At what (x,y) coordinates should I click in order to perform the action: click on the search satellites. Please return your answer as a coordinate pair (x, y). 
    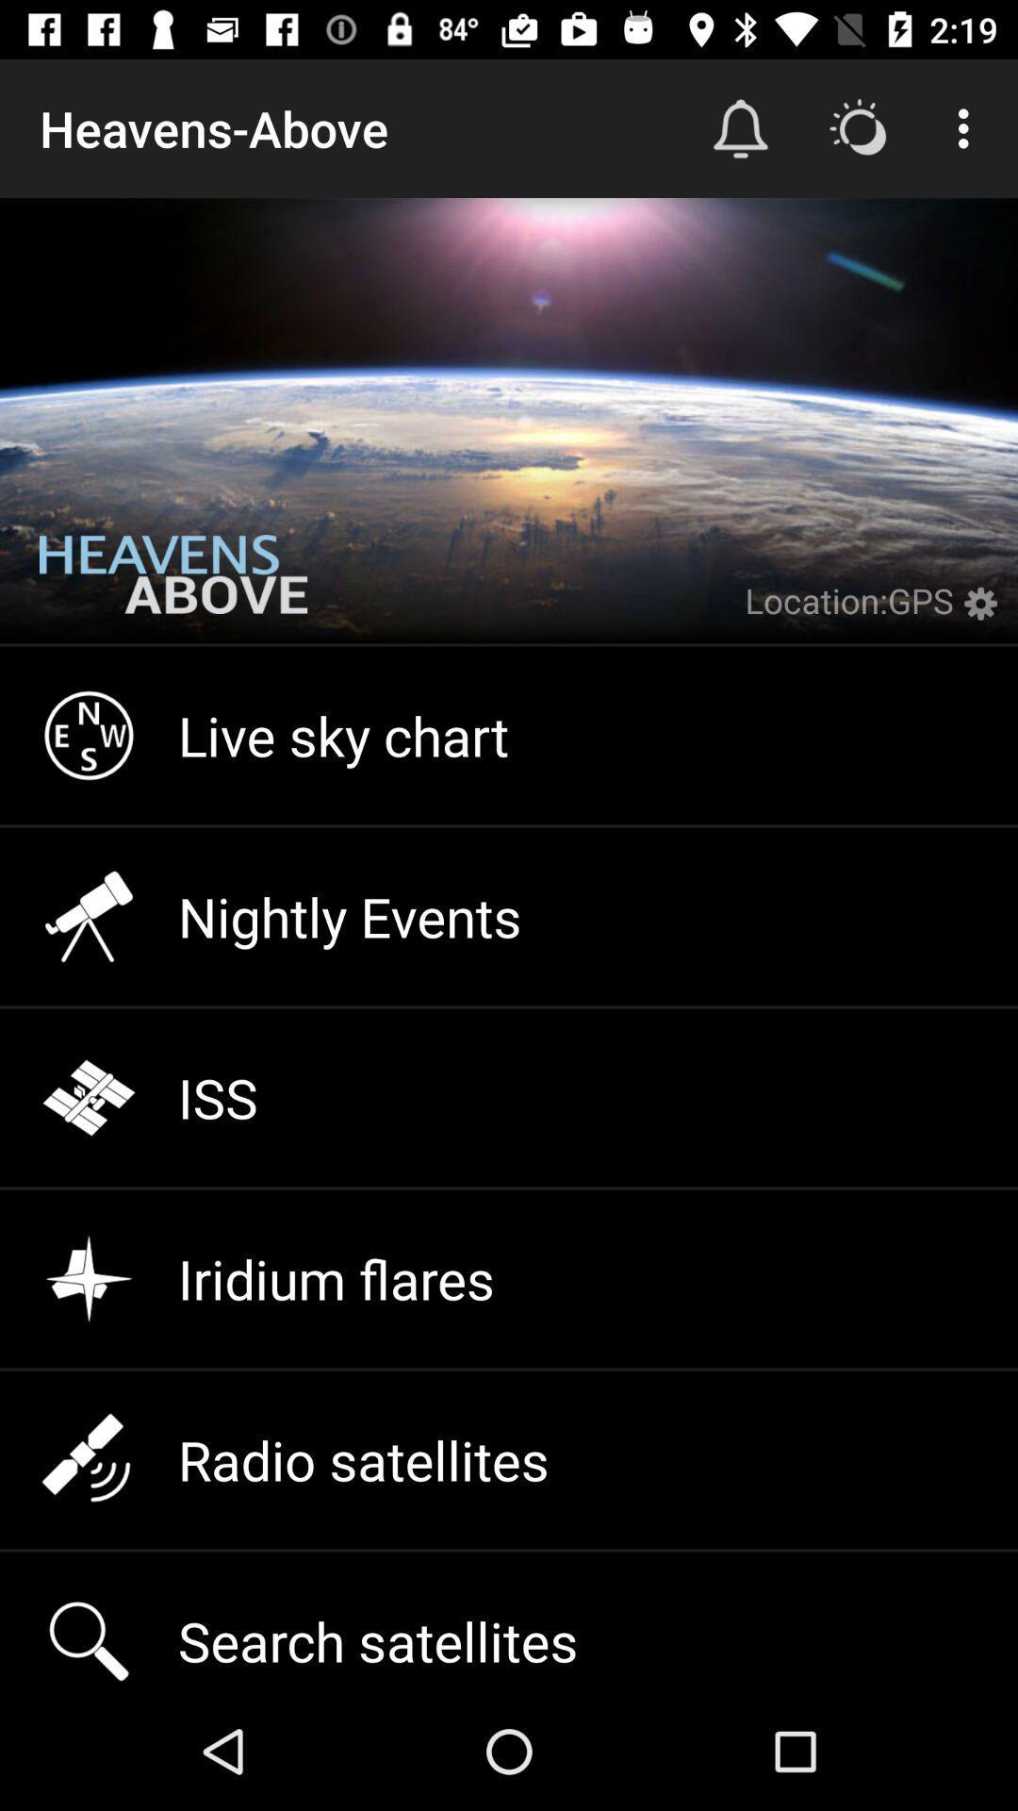
    Looking at the image, I should click on (509, 1620).